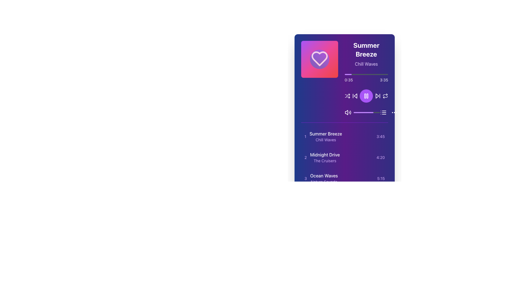 The width and height of the screenshot is (530, 298). What do you see at coordinates (371, 112) in the screenshot?
I see `the progress value` at bounding box center [371, 112].